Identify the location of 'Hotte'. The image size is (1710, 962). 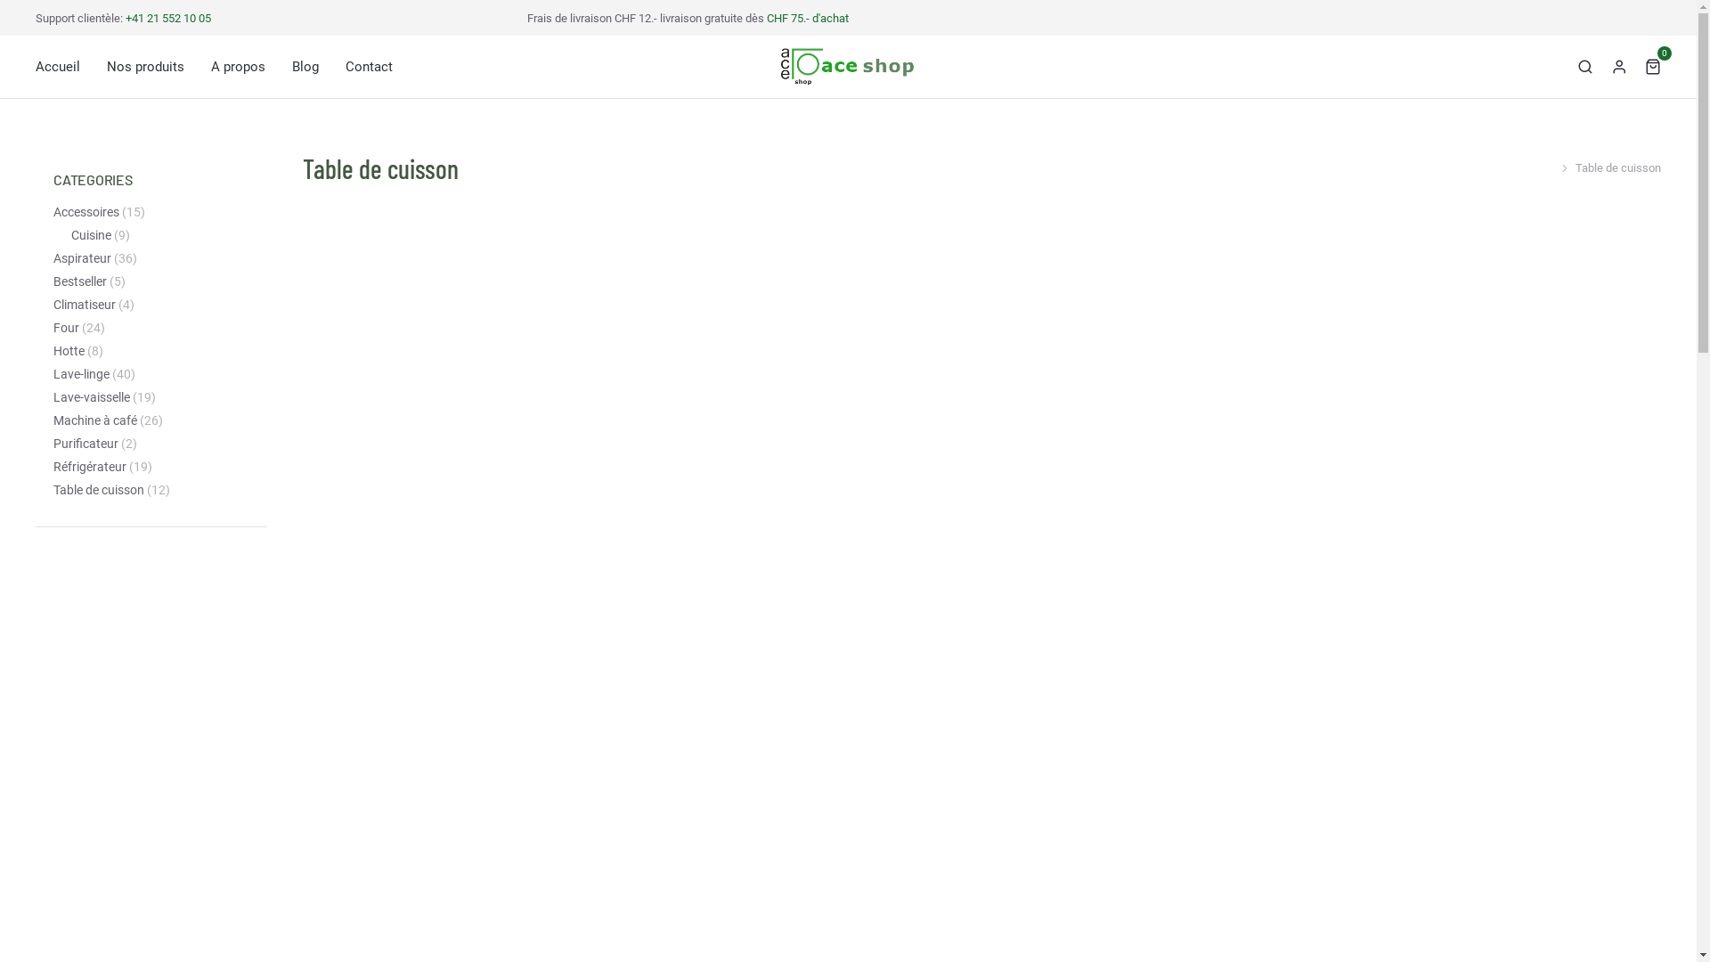
(69, 351).